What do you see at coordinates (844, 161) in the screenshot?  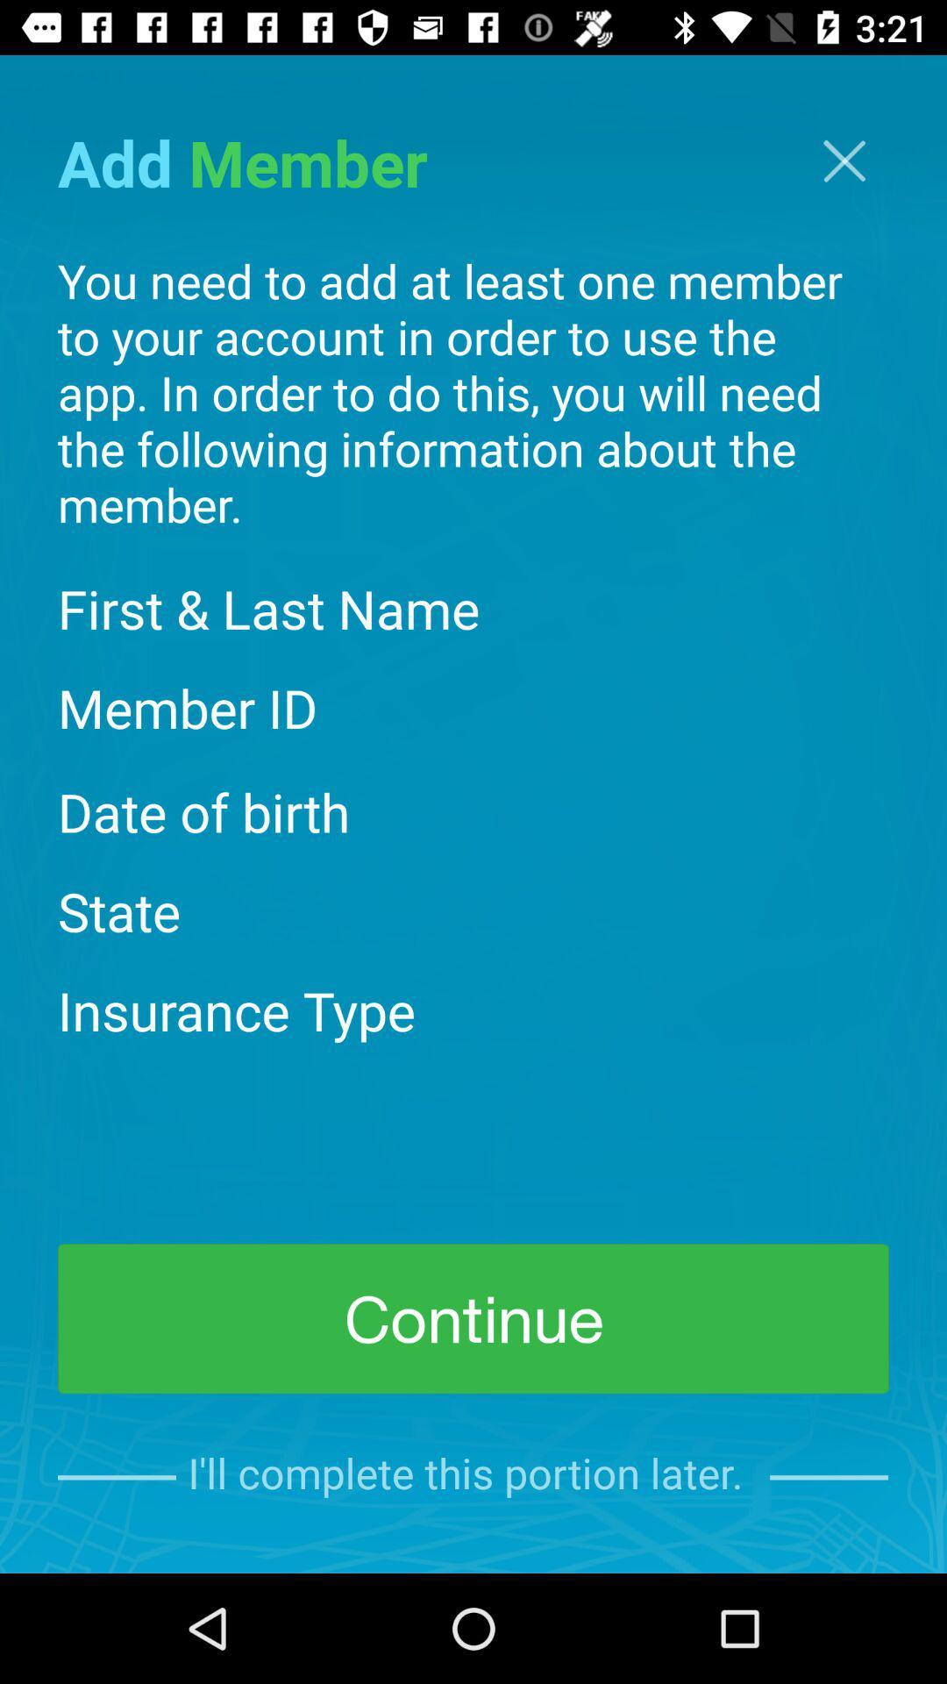 I see `the item at the top right corner` at bounding box center [844, 161].